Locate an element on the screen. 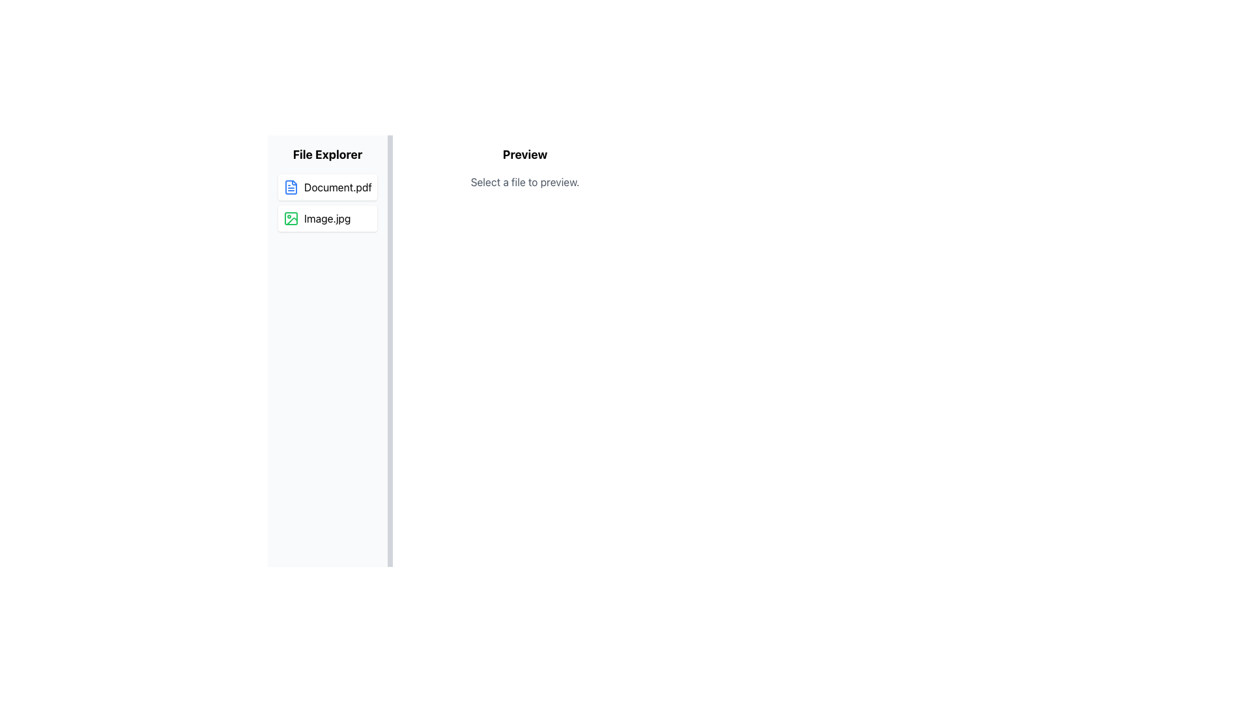 The image size is (1251, 703). icon element representing the image file 'Image.jpg' located in the explorer section by clicking on it is located at coordinates (290, 217).